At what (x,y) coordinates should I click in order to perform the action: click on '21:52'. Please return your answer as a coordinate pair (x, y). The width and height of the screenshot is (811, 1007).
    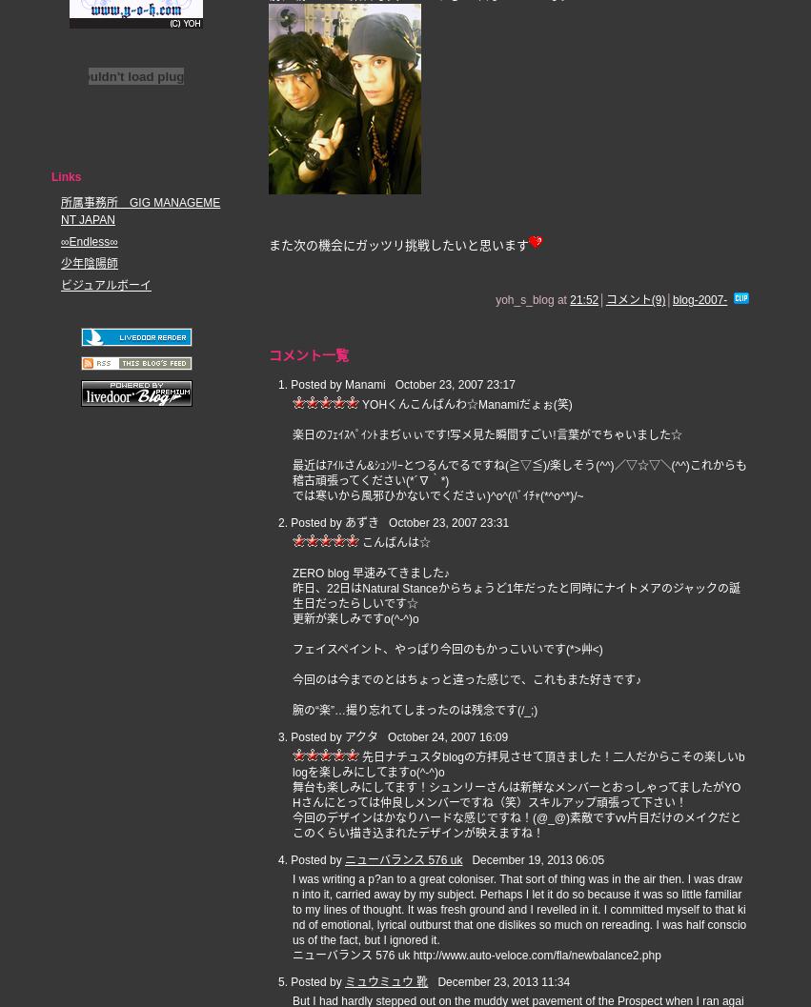
    Looking at the image, I should click on (583, 299).